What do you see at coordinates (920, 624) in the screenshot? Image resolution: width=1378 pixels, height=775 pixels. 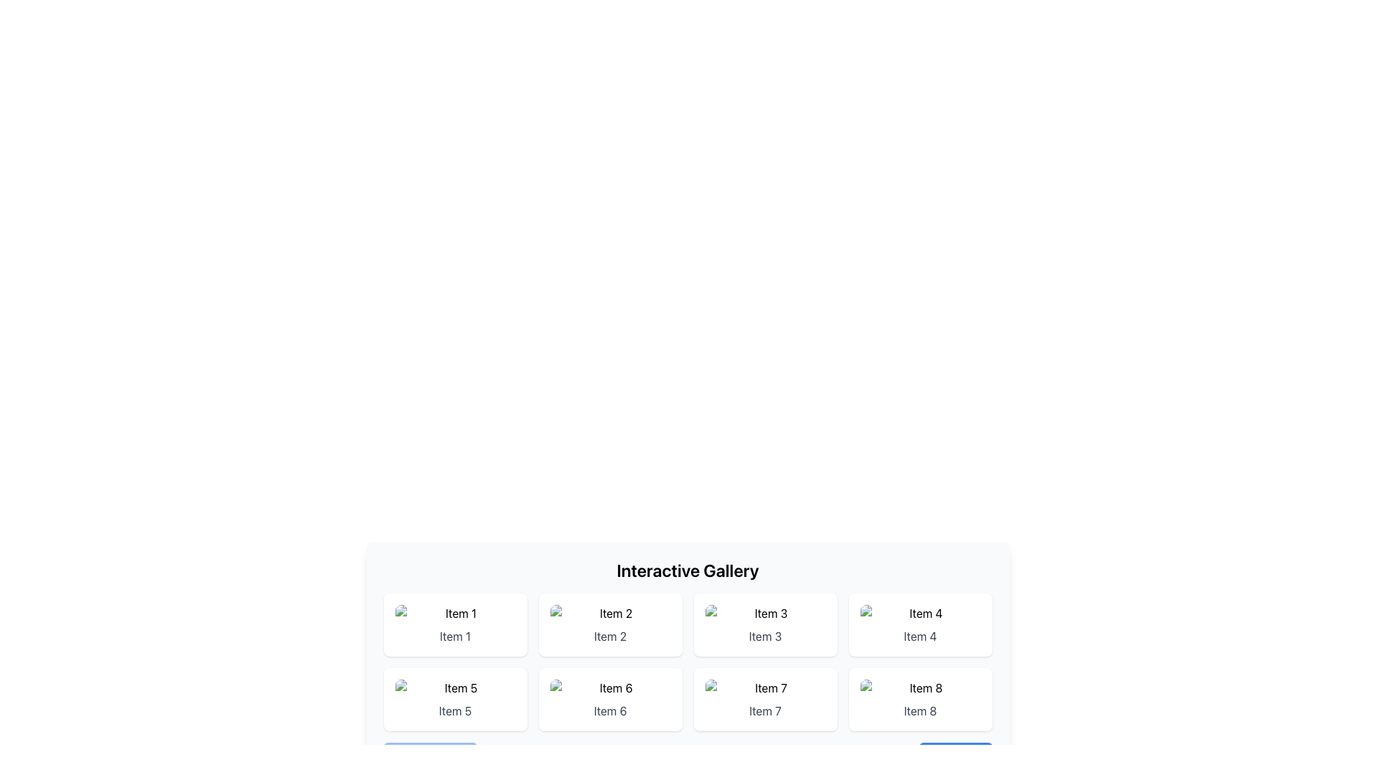 I see `the display card for 'Item 4', which is located in the fourth position of a 4-column grid, adjacent to 'Item 3' on the left and above 'Item 8'` at bounding box center [920, 624].